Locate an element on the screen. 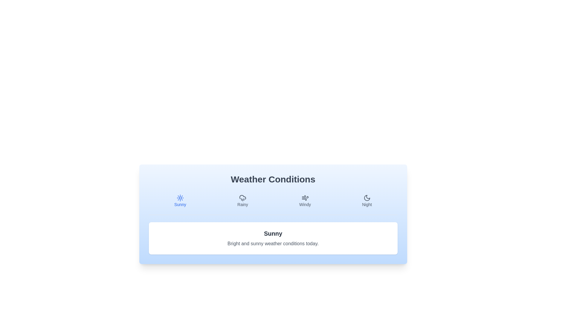  the icon and label for Windy is located at coordinates (305, 201).